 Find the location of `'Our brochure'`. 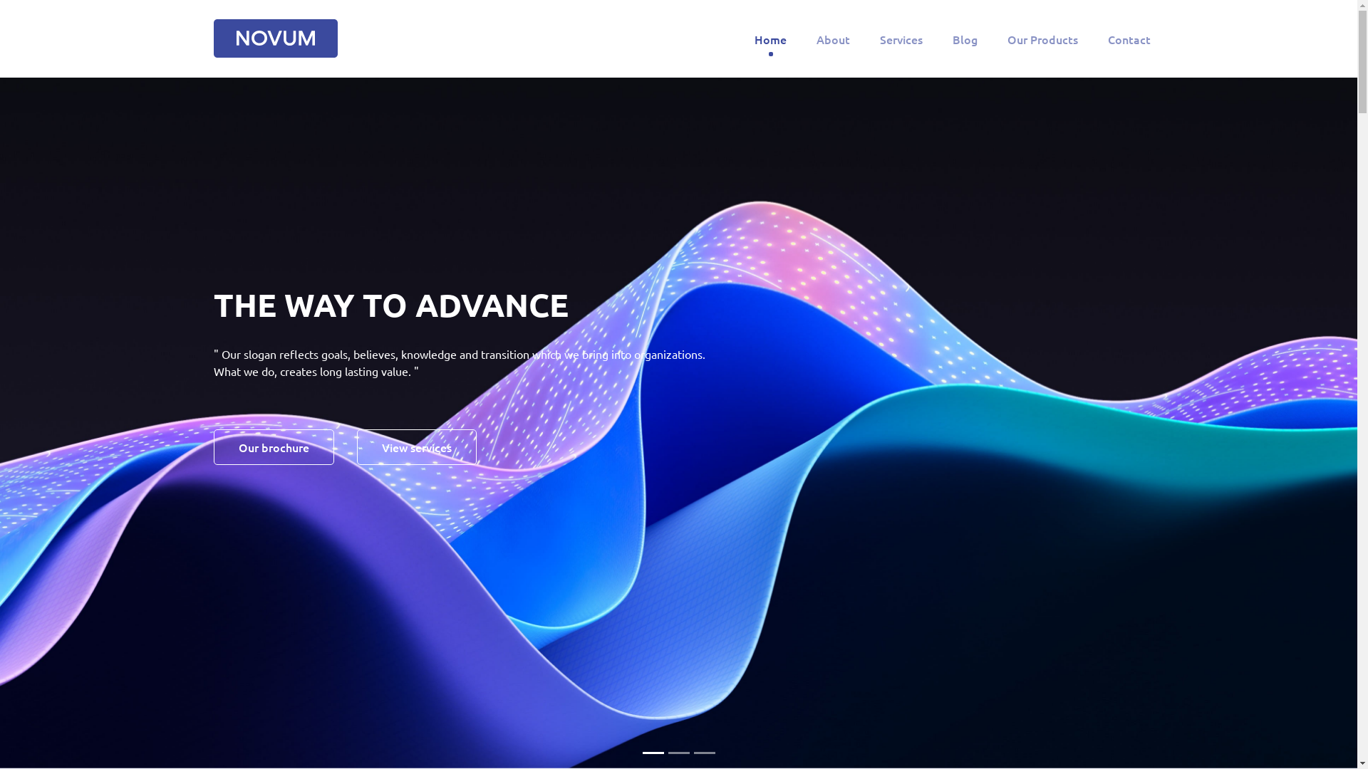

'Our brochure' is located at coordinates (274, 446).